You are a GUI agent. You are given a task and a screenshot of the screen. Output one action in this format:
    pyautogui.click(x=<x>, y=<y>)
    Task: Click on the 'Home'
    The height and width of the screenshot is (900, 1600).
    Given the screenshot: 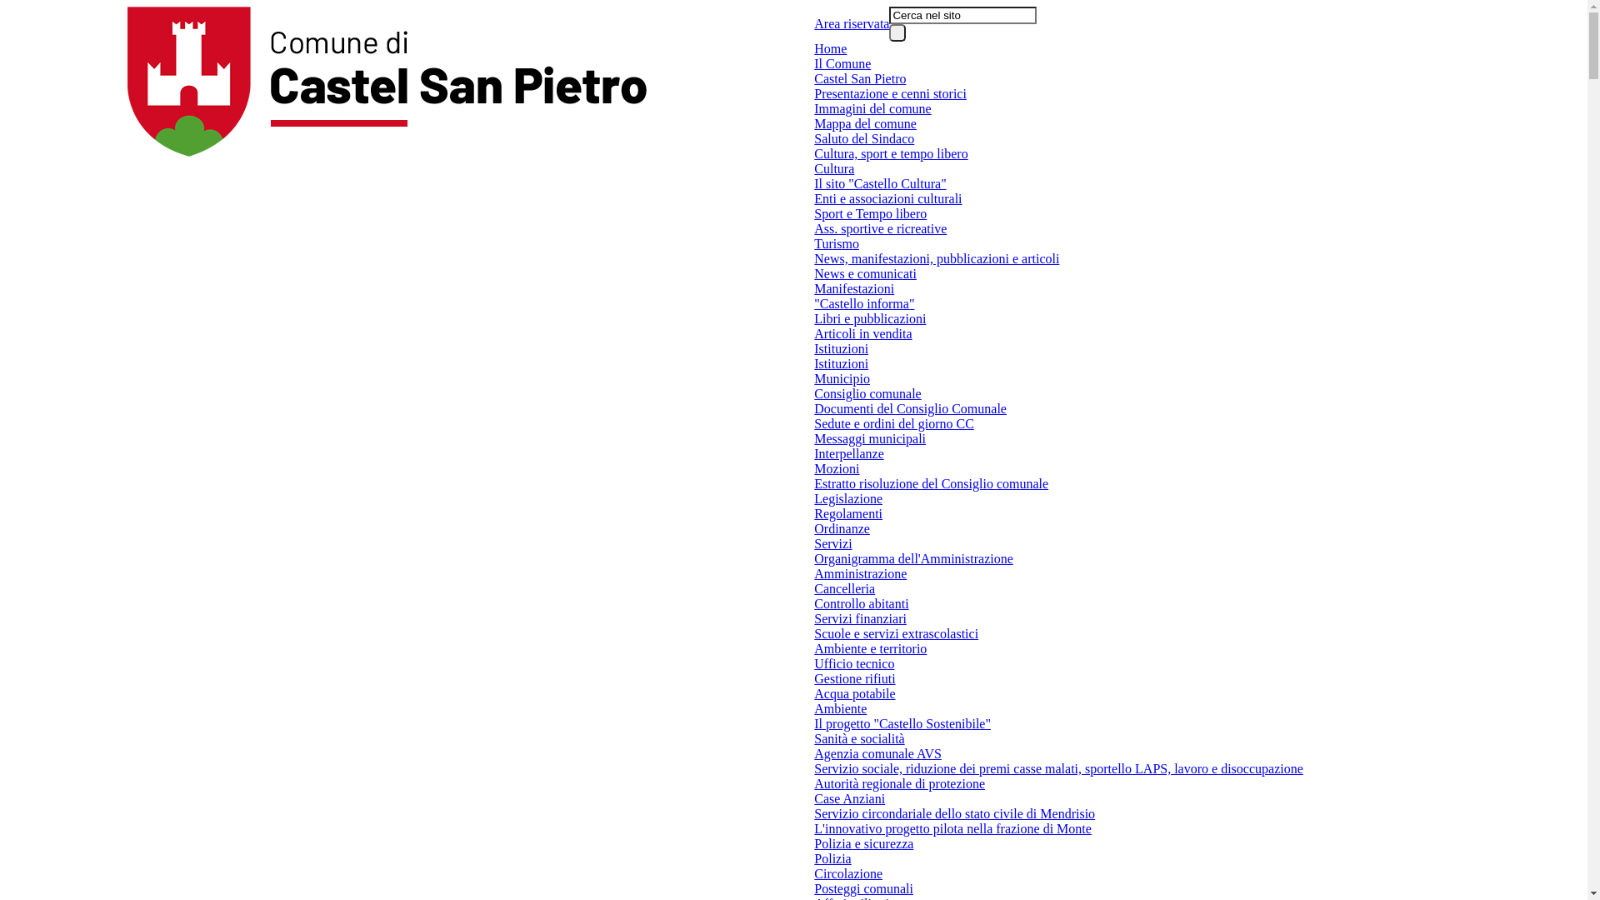 What is the action you would take?
    pyautogui.click(x=830, y=47)
    